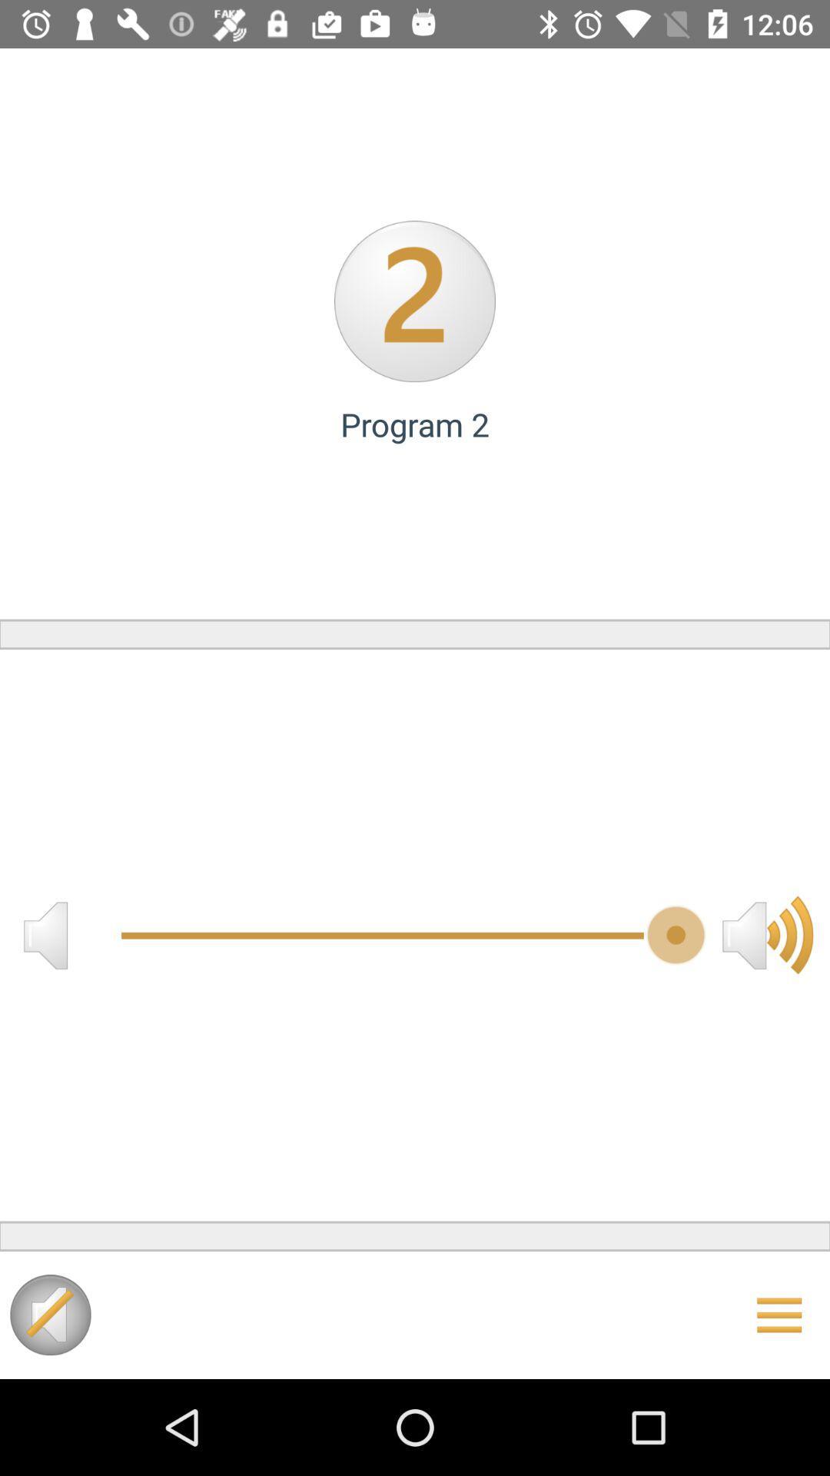 This screenshot has height=1476, width=830. What do you see at coordinates (45, 934) in the screenshot?
I see `the volume icon` at bounding box center [45, 934].